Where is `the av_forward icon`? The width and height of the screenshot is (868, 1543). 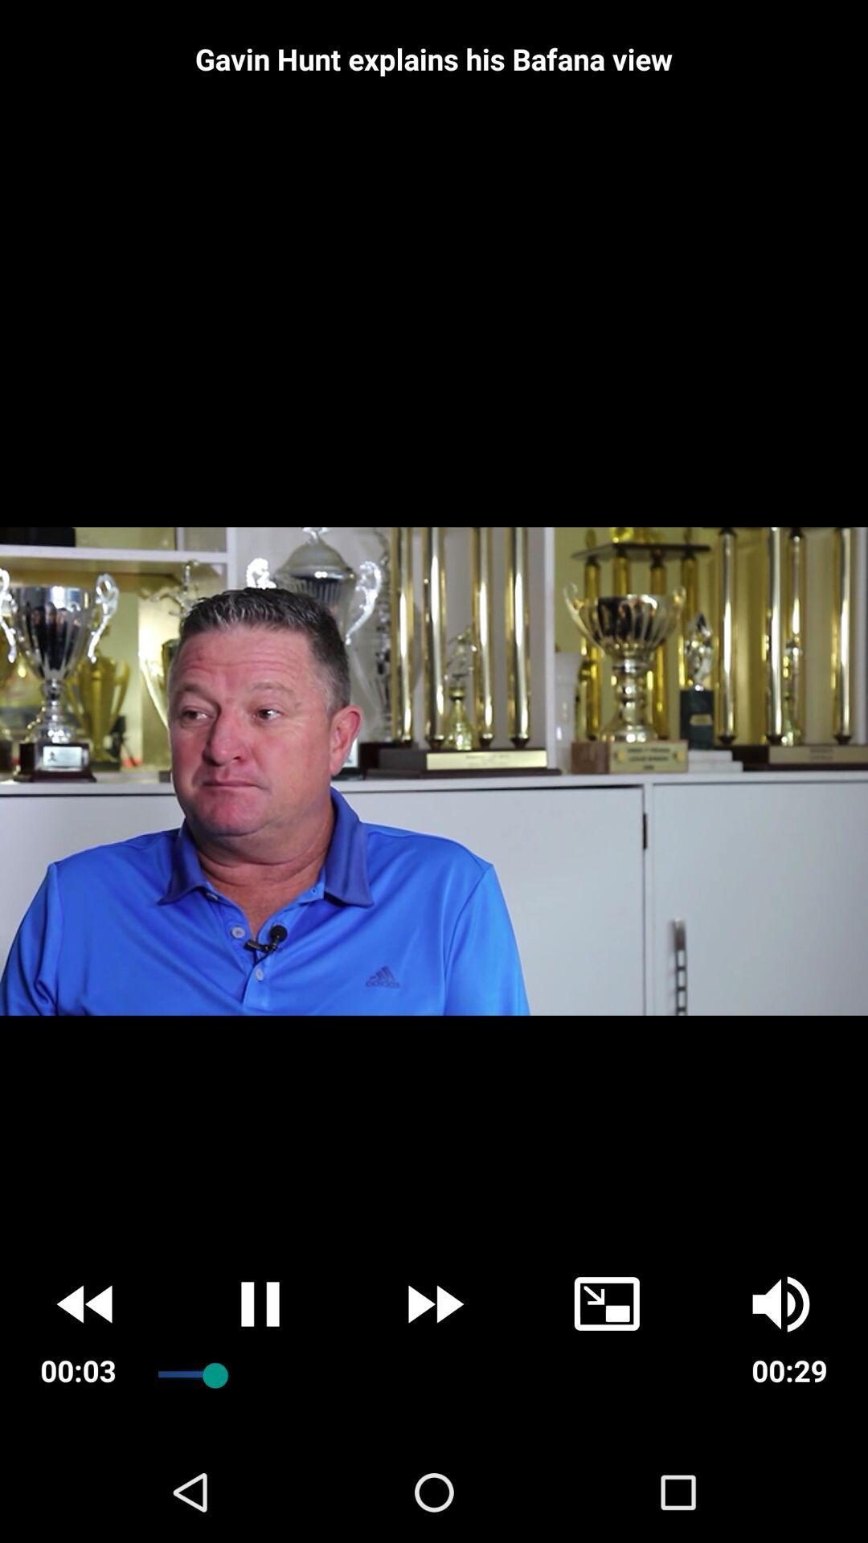 the av_forward icon is located at coordinates (434, 1304).